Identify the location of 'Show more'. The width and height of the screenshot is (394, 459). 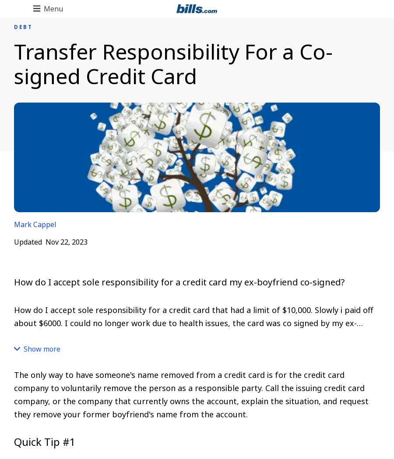
(42, 349).